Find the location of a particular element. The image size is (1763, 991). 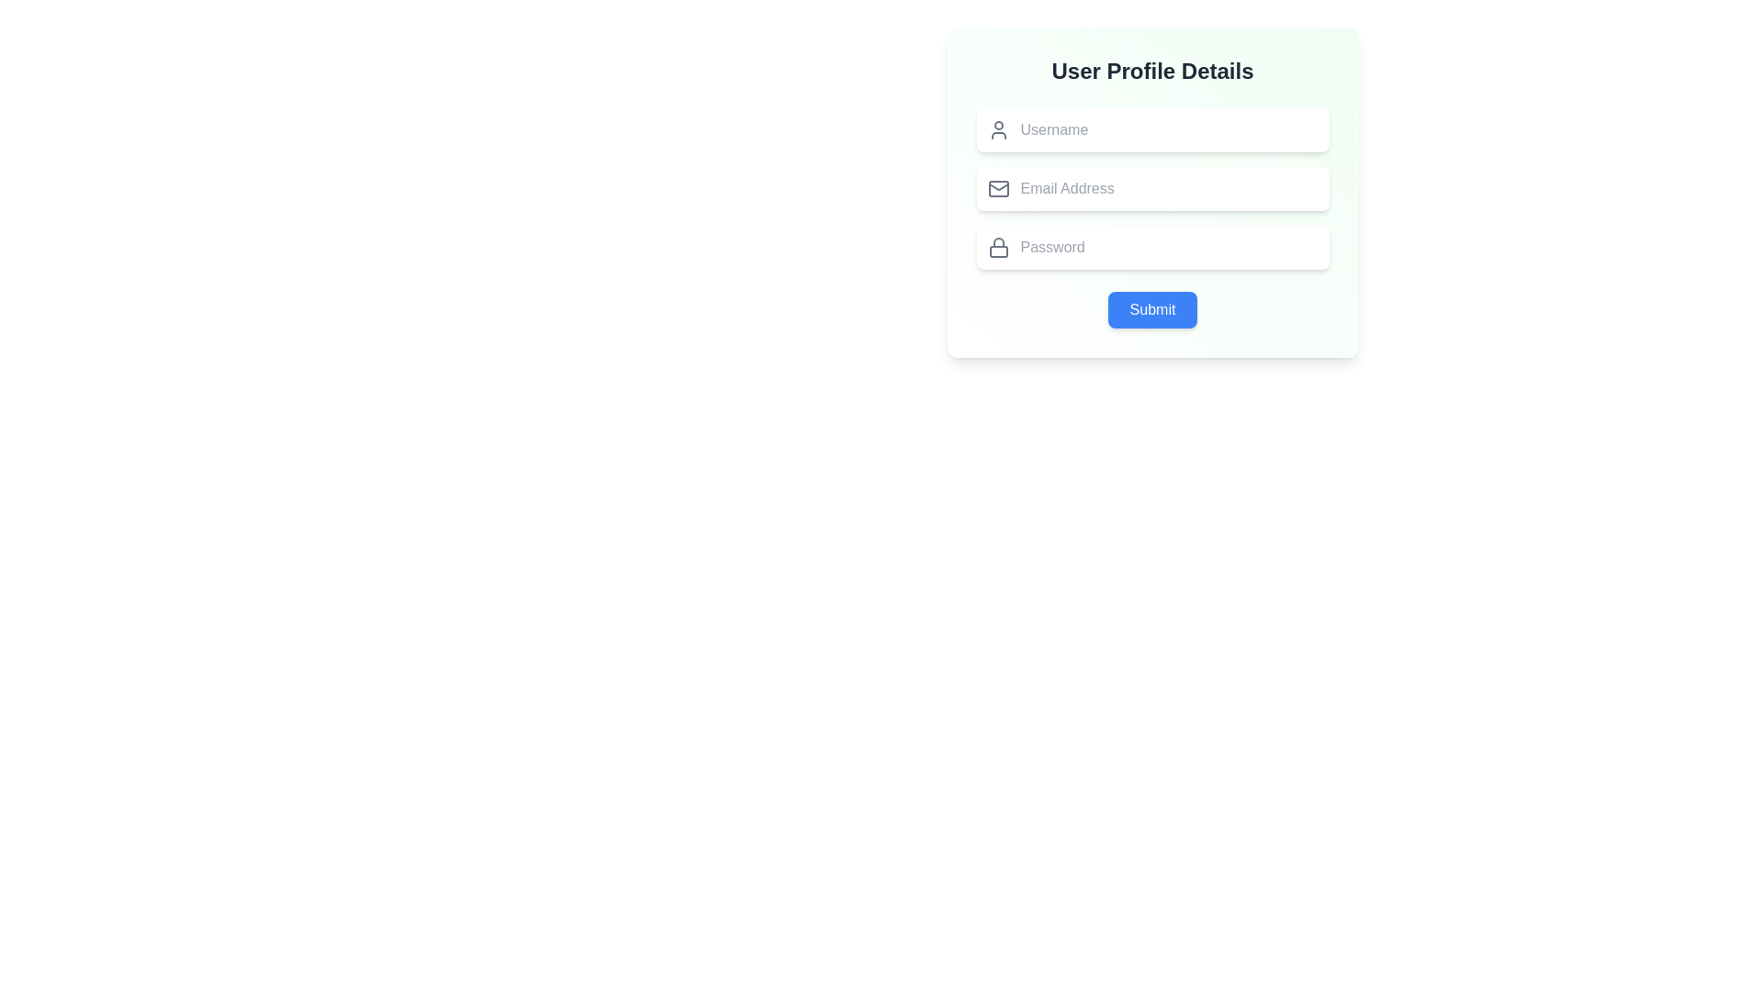

the title Text Label located at the top-center of the form, which indicates the purpose of the input fields and Submit button is located at coordinates (1151, 70).